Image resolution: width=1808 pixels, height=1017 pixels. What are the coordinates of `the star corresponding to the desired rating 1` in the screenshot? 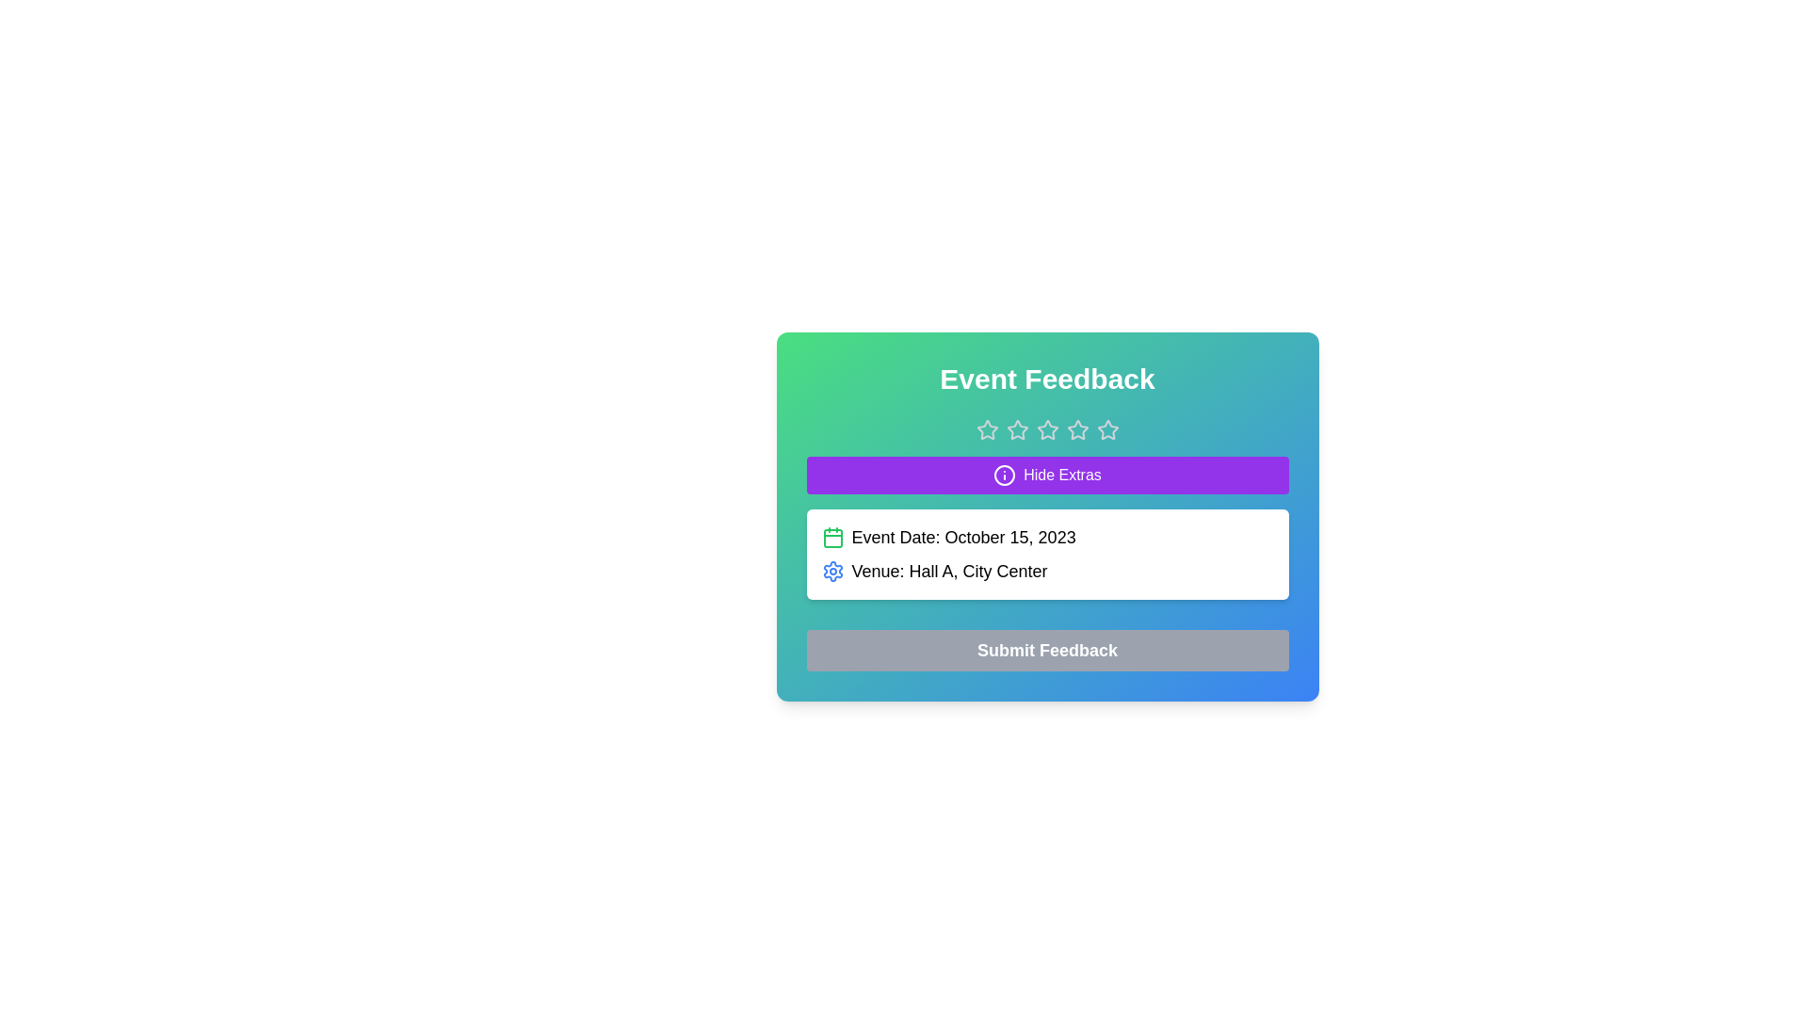 It's located at (986, 429).